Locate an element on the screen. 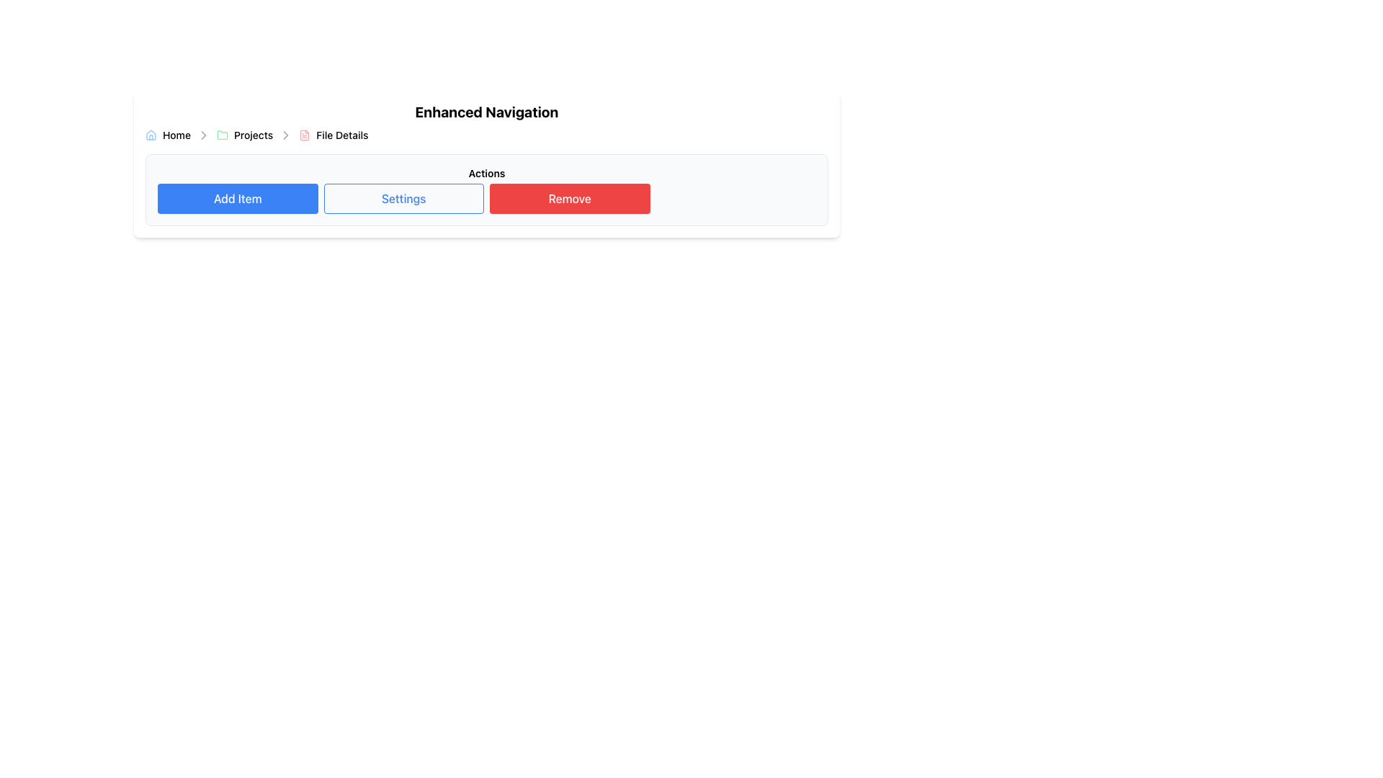 This screenshot has height=778, width=1383. the right-pointing chevron icon in the breadcrumb navigation bar, which is styled with a hollow outline and indicates navigation between 'Home' and 'Projects' is located at coordinates (286, 135).